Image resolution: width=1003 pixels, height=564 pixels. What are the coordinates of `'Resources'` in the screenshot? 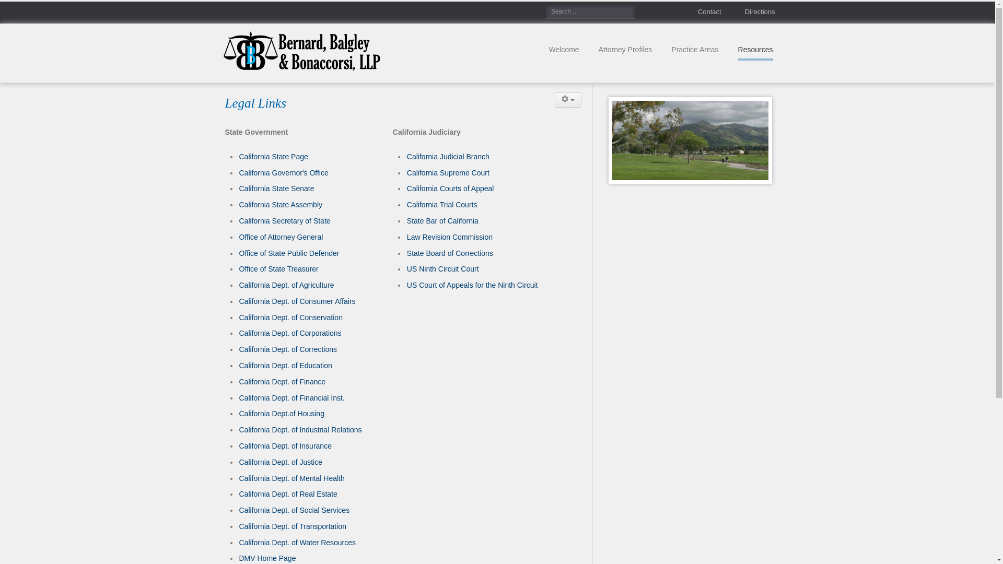 It's located at (755, 50).